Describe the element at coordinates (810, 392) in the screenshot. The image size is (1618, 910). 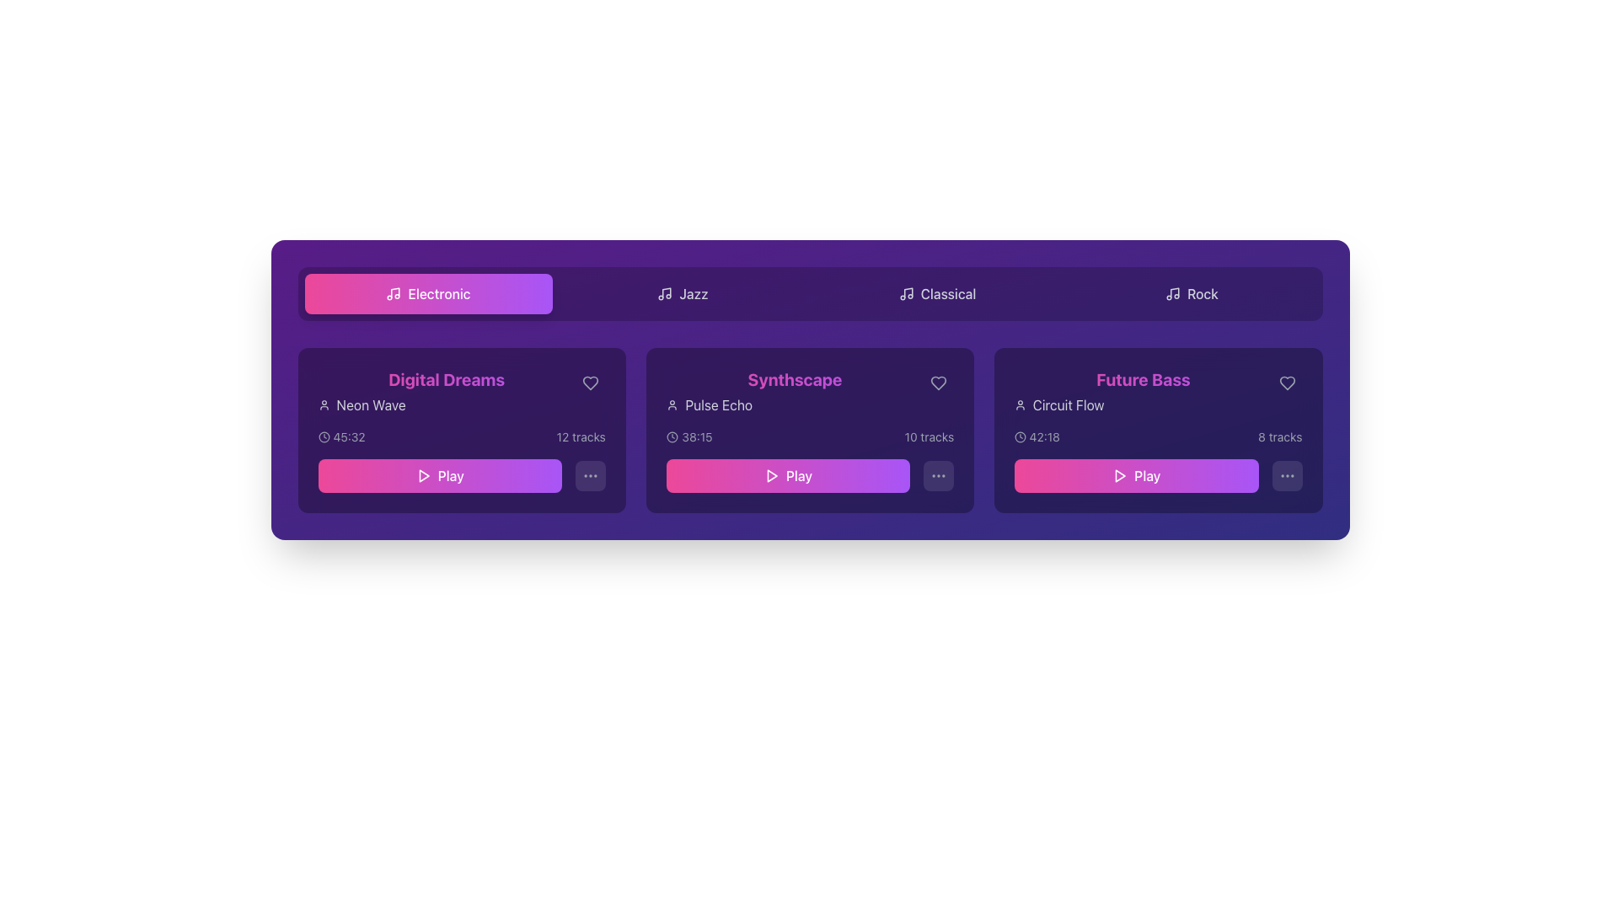
I see `the styling of the Text Label that identifies the music album or track, located in the center column above the time and track count details` at that location.